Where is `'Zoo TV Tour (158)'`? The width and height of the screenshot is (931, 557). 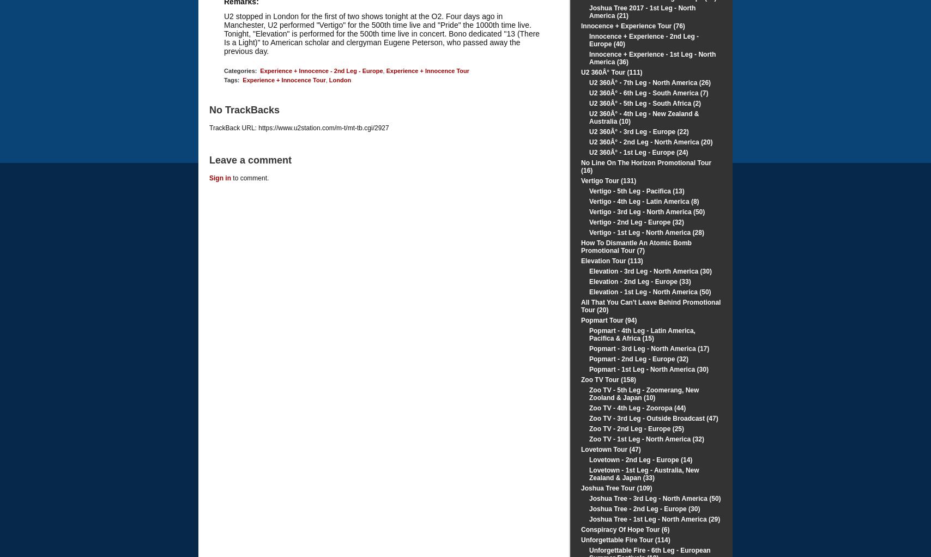 'Zoo TV Tour (158)' is located at coordinates (608, 380).